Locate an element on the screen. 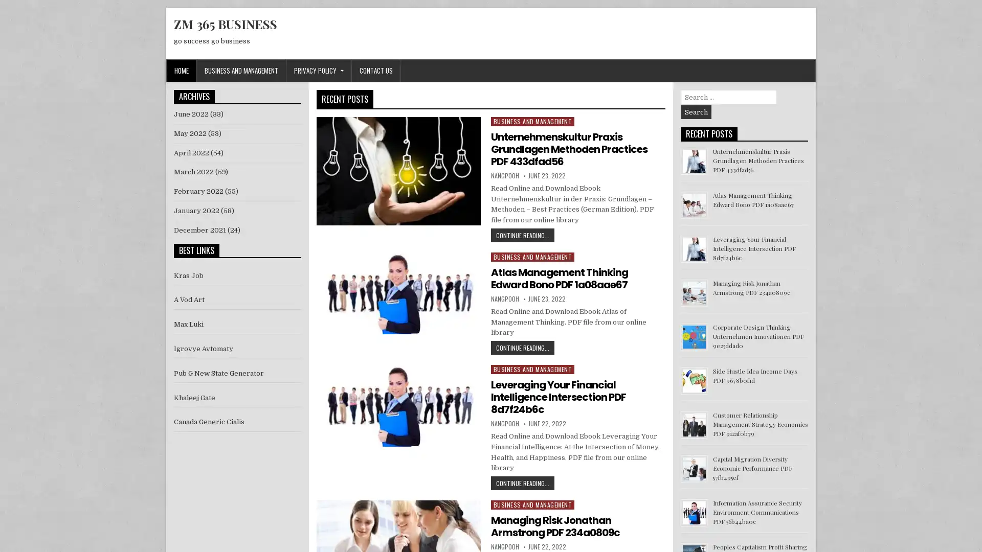 The height and width of the screenshot is (552, 982). Search is located at coordinates (696, 112).